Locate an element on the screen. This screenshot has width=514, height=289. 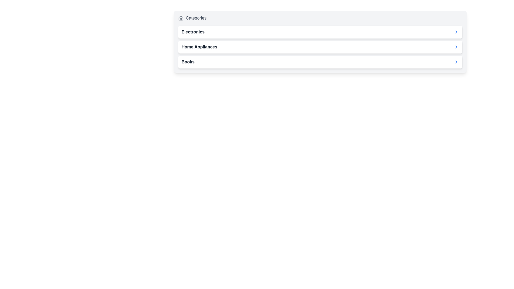
the small triangular chevron icon with a blue stroke located in the first row of the 'Electronics' list item is located at coordinates (456, 32).